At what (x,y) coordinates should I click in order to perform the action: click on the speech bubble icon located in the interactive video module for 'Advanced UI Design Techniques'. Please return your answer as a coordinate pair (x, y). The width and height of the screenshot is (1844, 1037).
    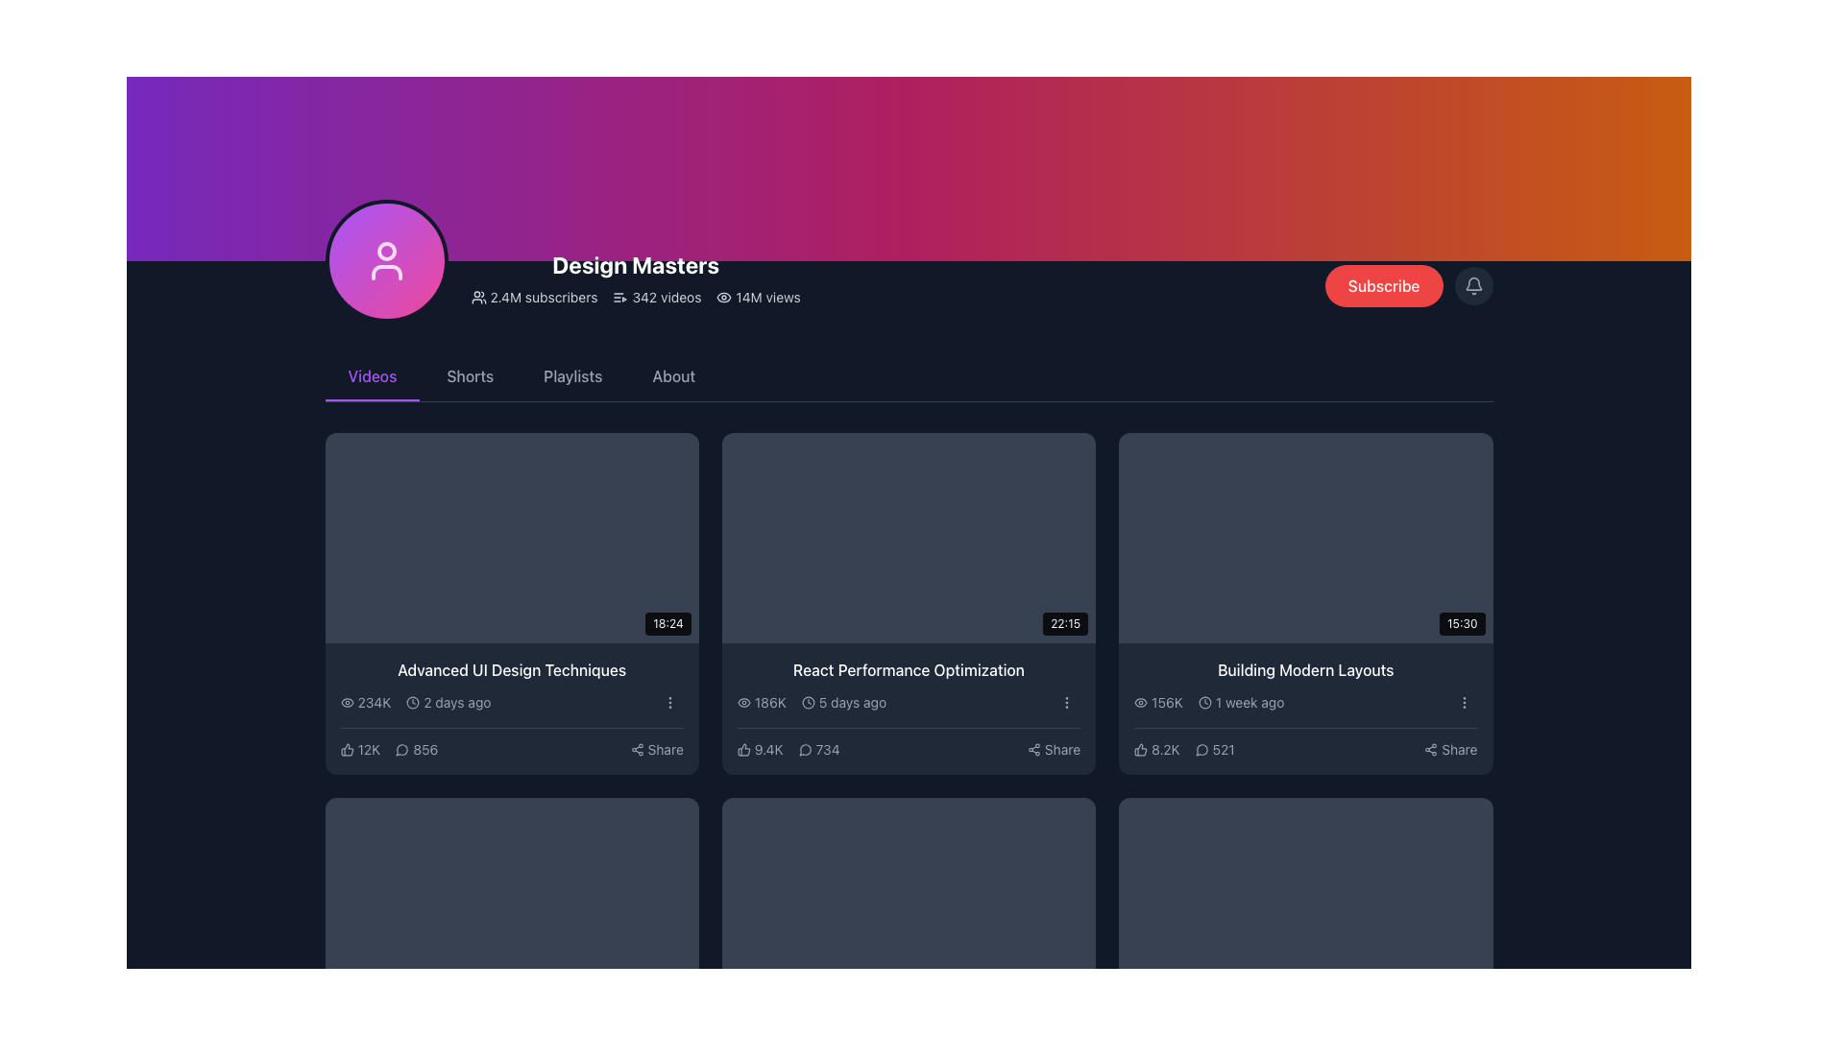
    Looking at the image, I should click on (400, 749).